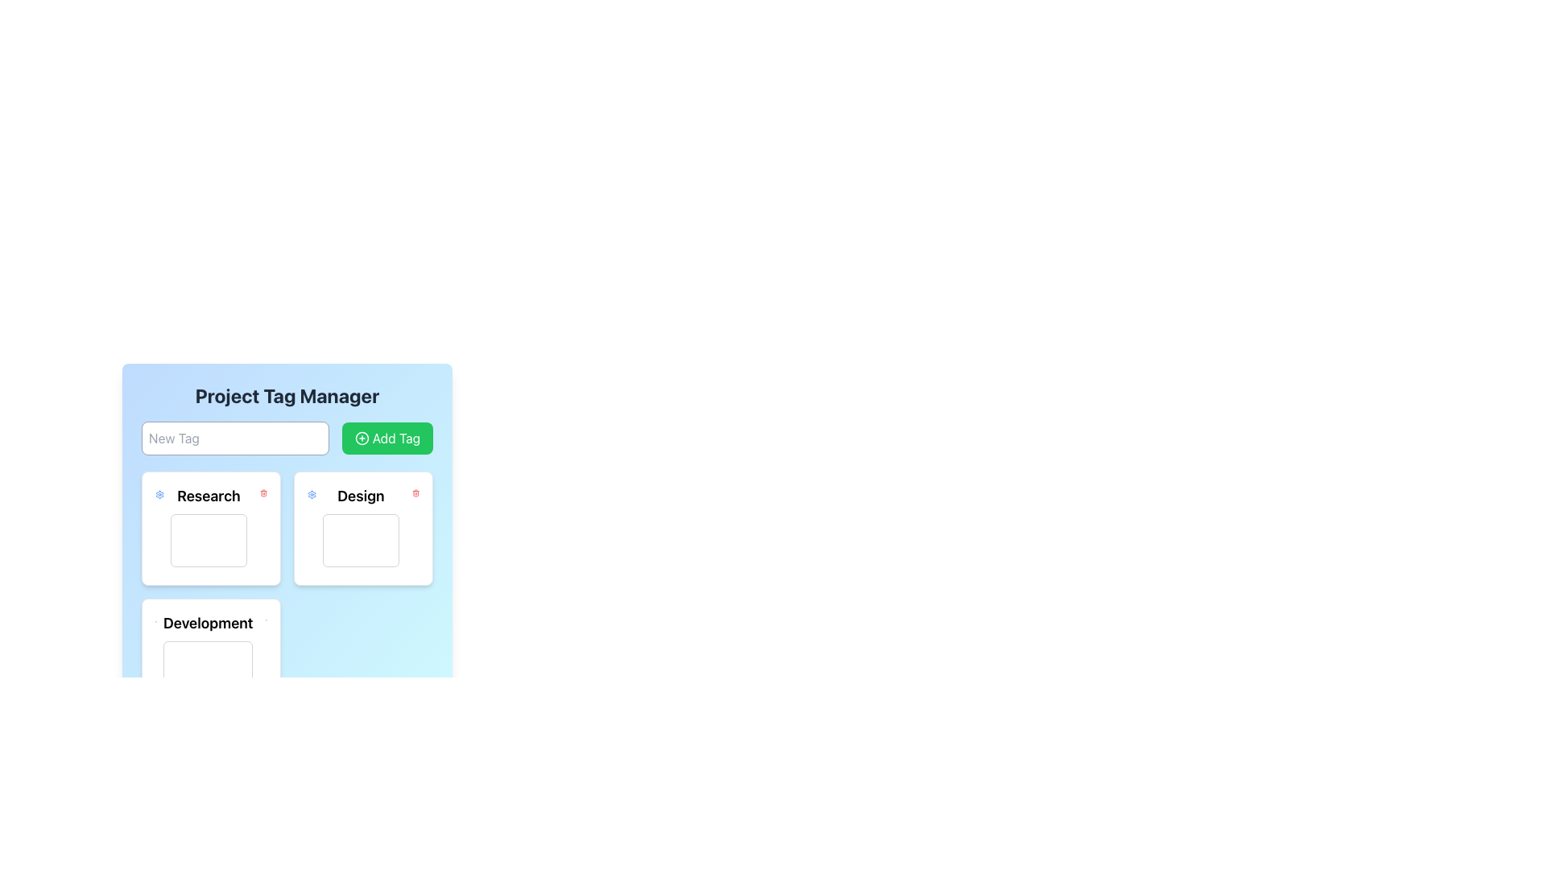  What do you see at coordinates (155, 620) in the screenshot?
I see `the gear-like settings icon located to the left of the 'Development' title within the rectangular card` at bounding box center [155, 620].